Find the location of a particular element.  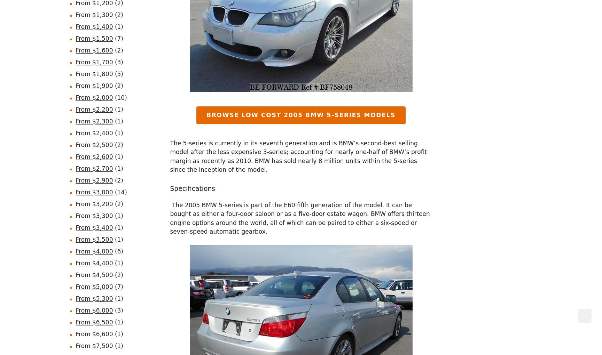

'From $3,500' is located at coordinates (94, 239).